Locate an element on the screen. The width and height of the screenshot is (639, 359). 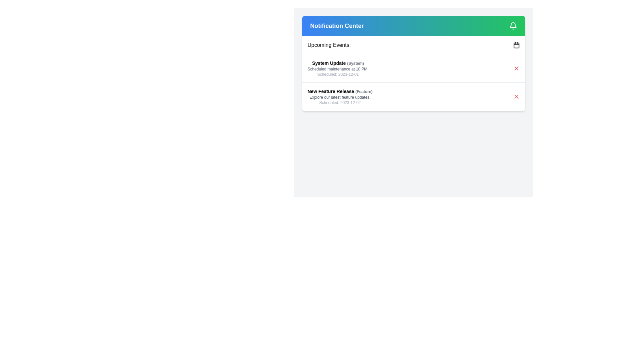
the text block displaying 'Explore our latest feature updates.' which is styled in a small, gray font and is located beneath the title 'New Feature Release' is located at coordinates (340, 97).